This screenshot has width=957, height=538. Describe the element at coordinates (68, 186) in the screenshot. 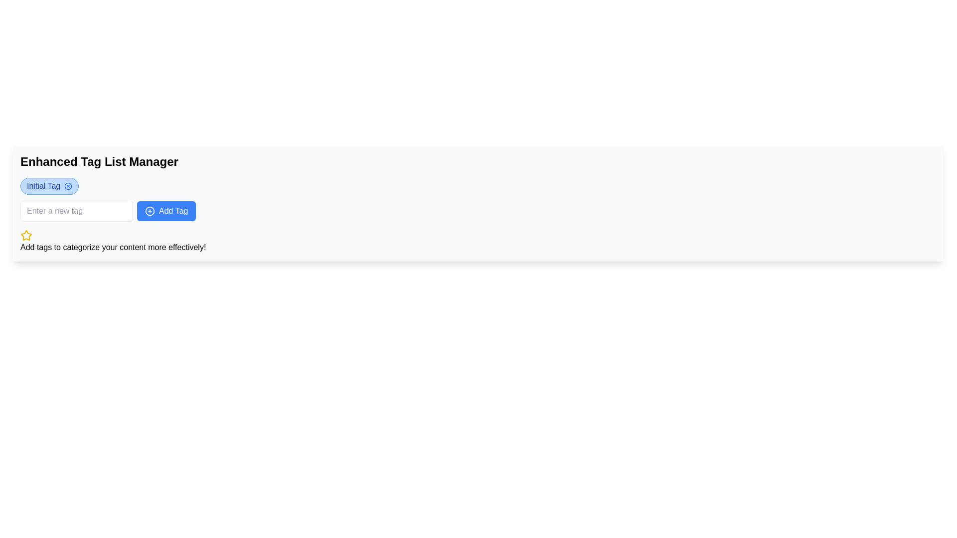

I see `the close button located at the right end of the tag 'Initial Tag'` at that location.